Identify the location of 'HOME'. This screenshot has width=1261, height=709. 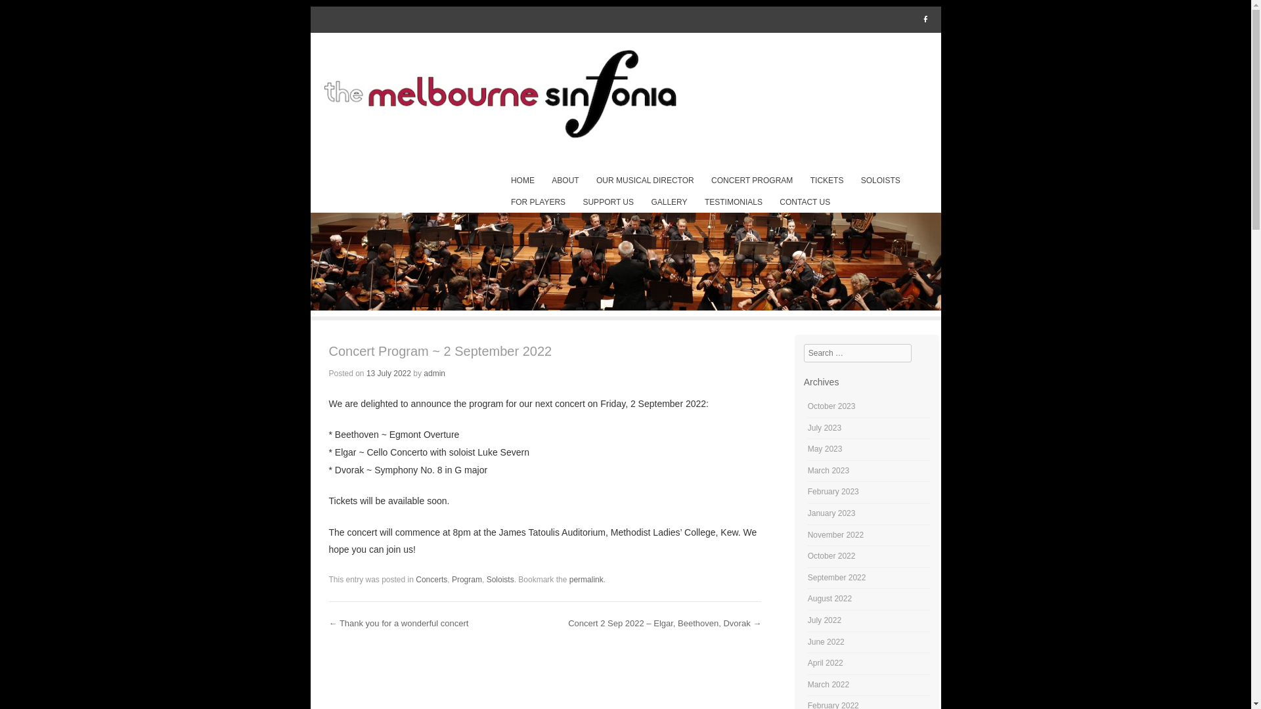
(504, 181).